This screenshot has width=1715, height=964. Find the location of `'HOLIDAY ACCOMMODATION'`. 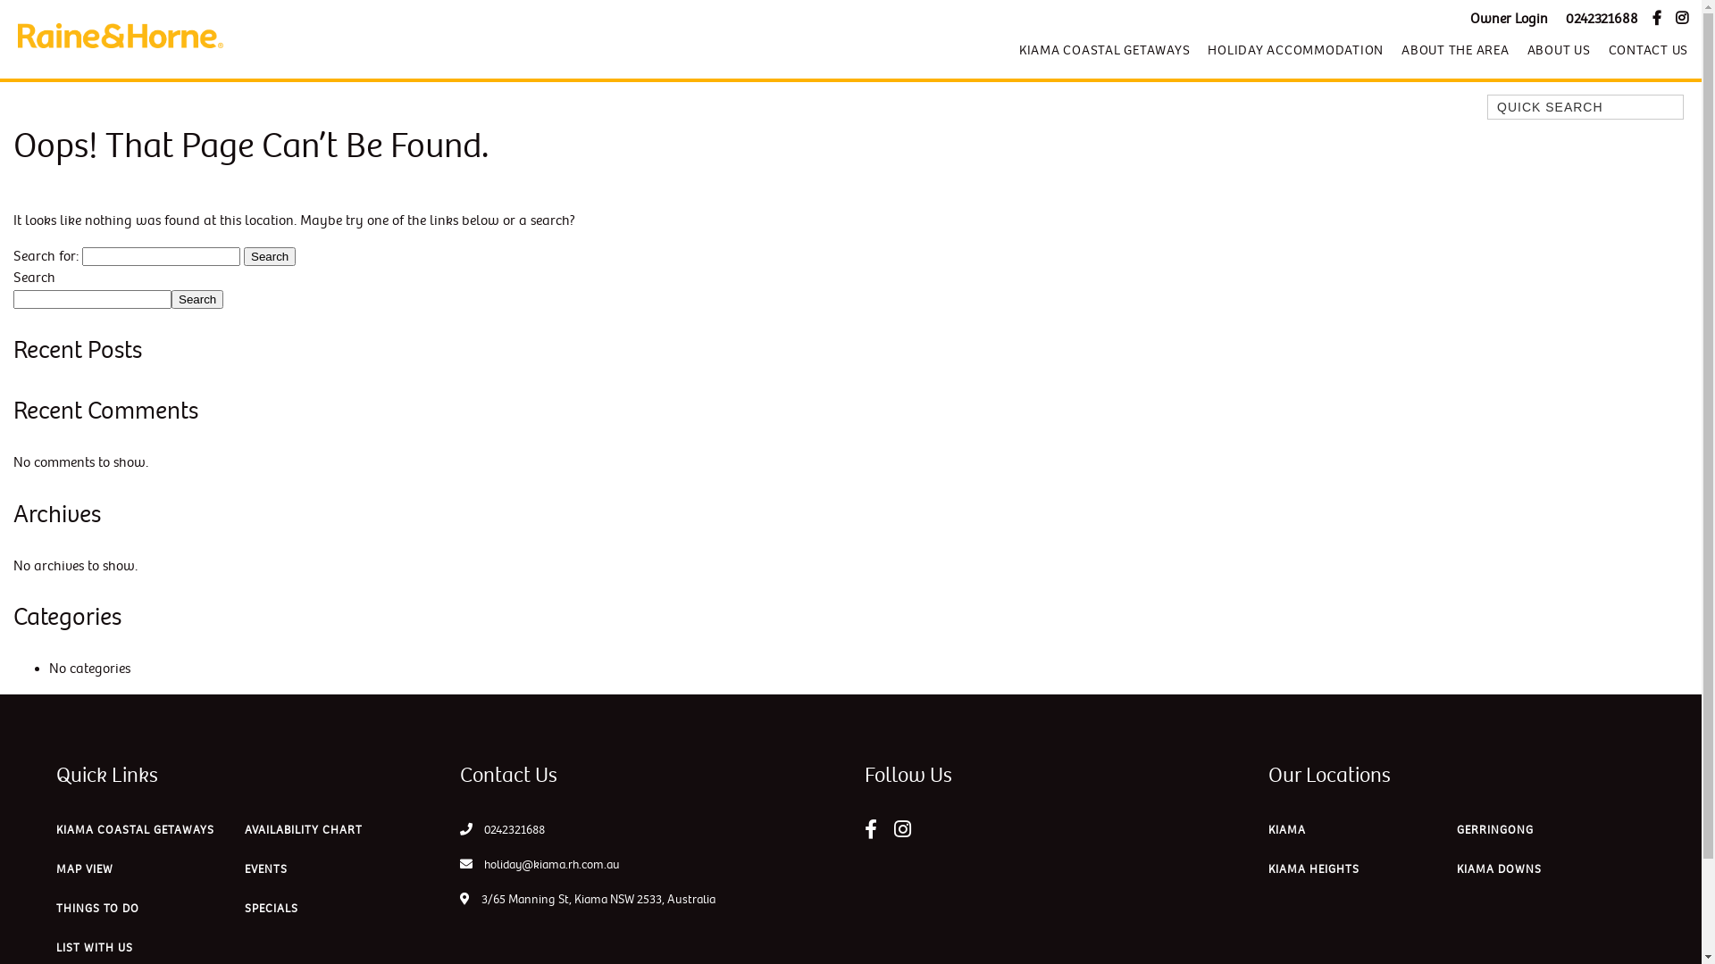

'HOLIDAY ACCOMMODATION' is located at coordinates (1295, 49).